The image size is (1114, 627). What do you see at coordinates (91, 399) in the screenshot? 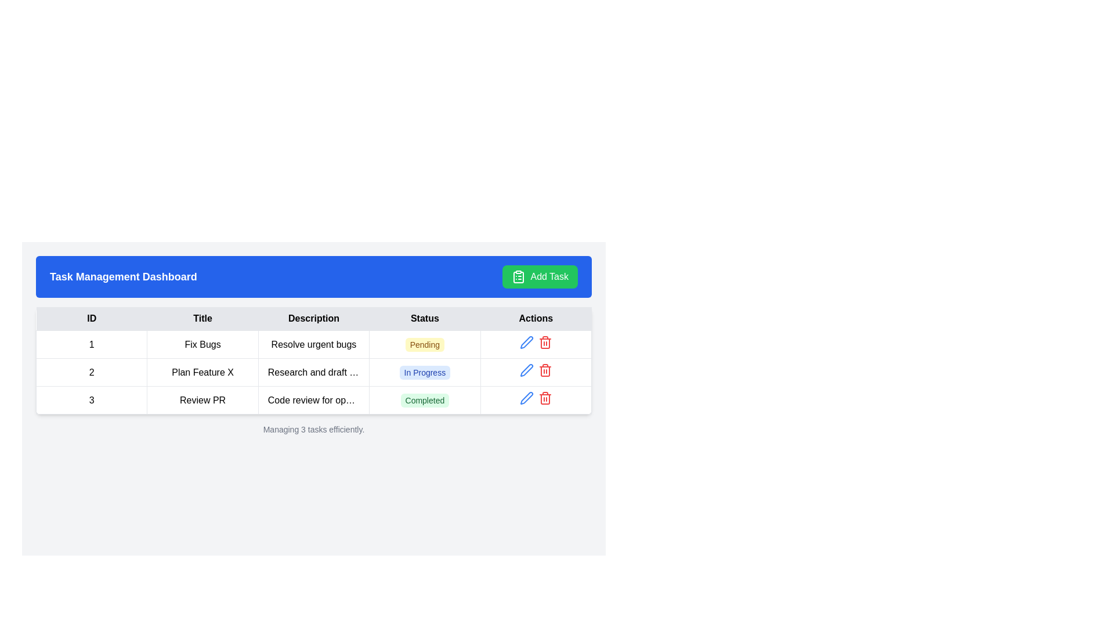
I see `the table cell in the first column of the third row that contains the number '3'` at bounding box center [91, 399].